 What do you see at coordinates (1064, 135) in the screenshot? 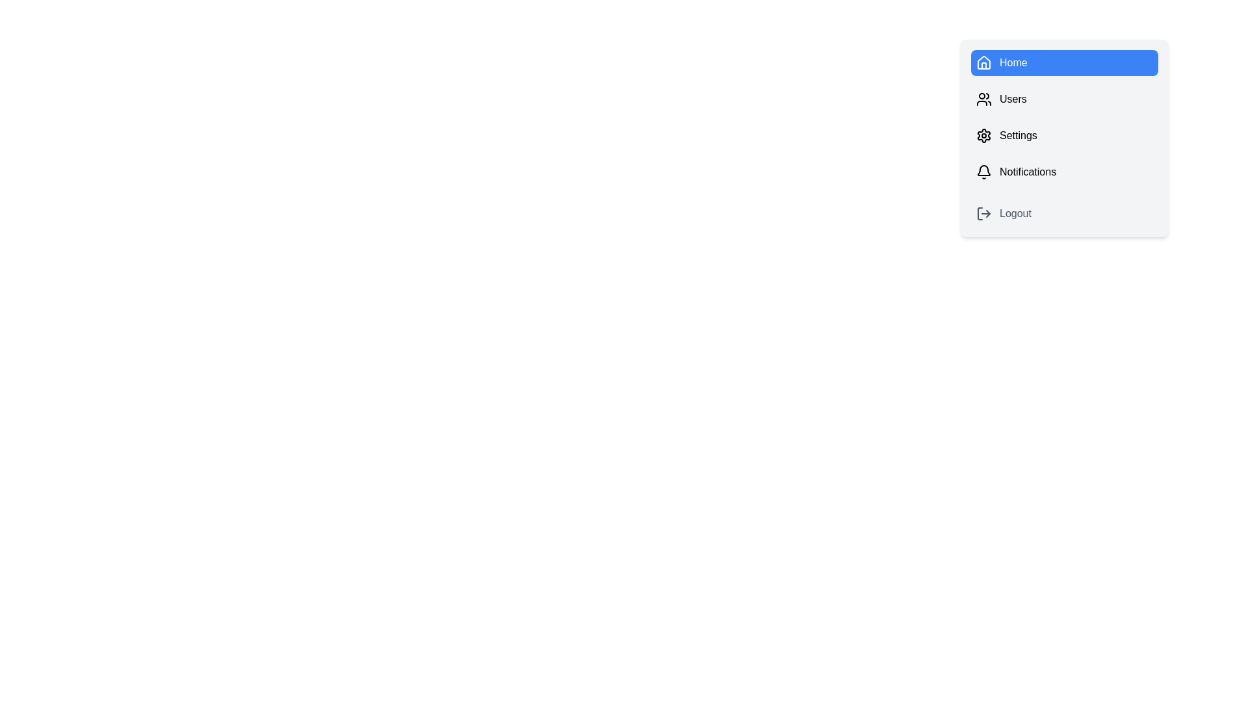
I see `the settings button located in the vertical navigation menu, which is the third item below 'Users' and above 'Notifications'` at bounding box center [1064, 135].